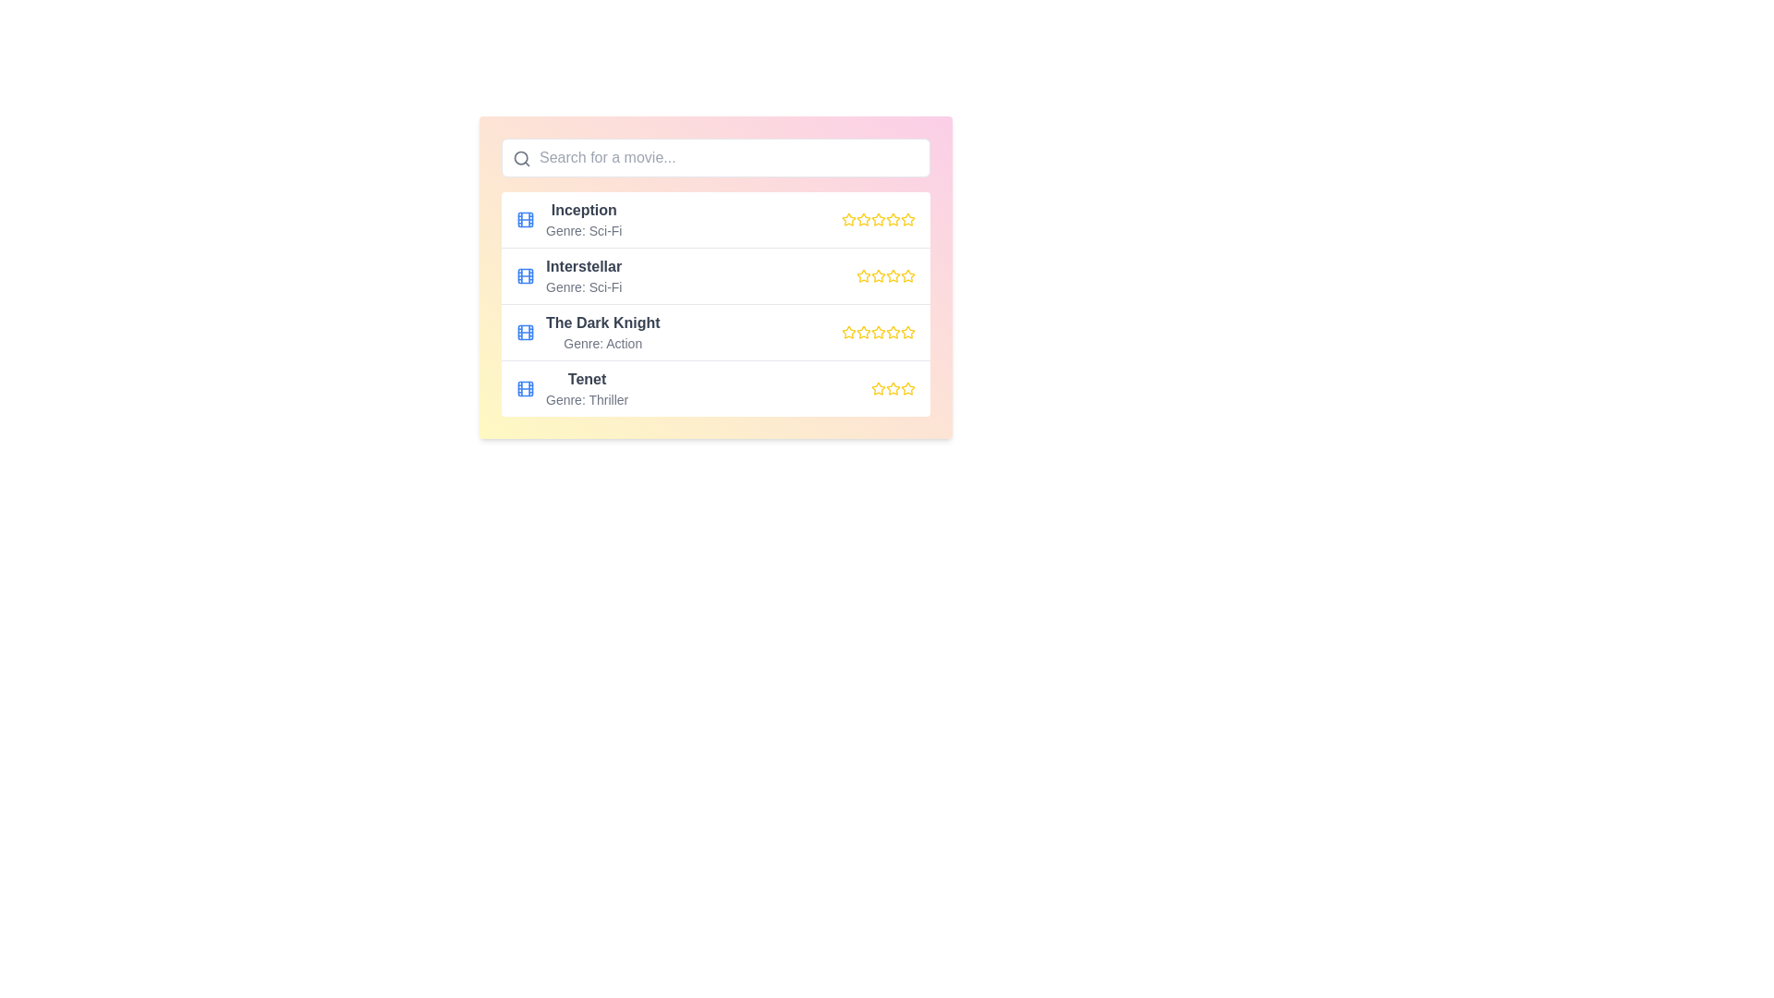 The image size is (1774, 998). What do you see at coordinates (893, 387) in the screenshot?
I see `the third yellow star rating icon in the sequence of five stars` at bounding box center [893, 387].